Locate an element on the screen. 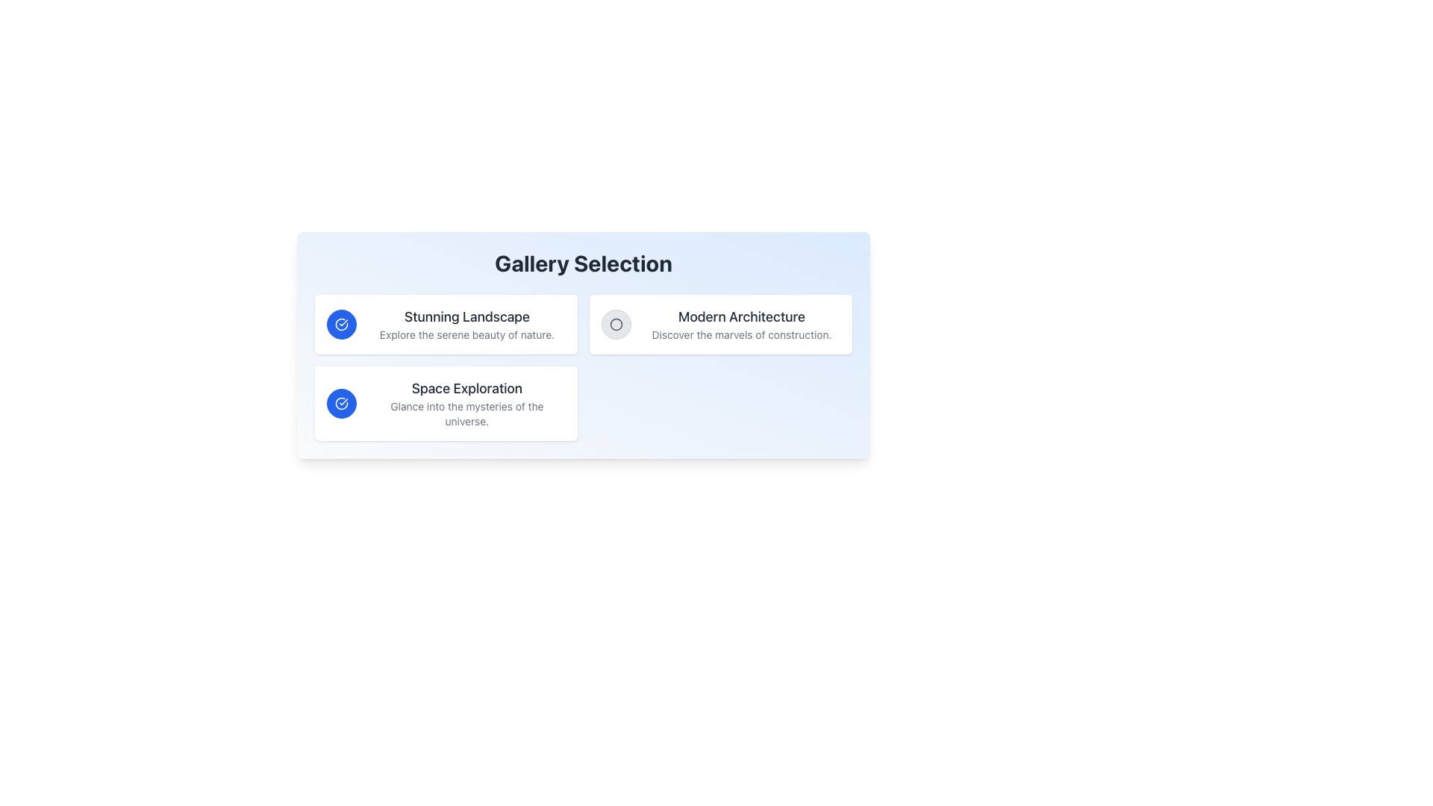 This screenshot has width=1433, height=806. the circular icon with a checkmark inside, styled with a blue fill and white stroke, located in the top-left button of the Gallery Selection section, next to the text 'Stunning Landscape' is located at coordinates (340, 403).